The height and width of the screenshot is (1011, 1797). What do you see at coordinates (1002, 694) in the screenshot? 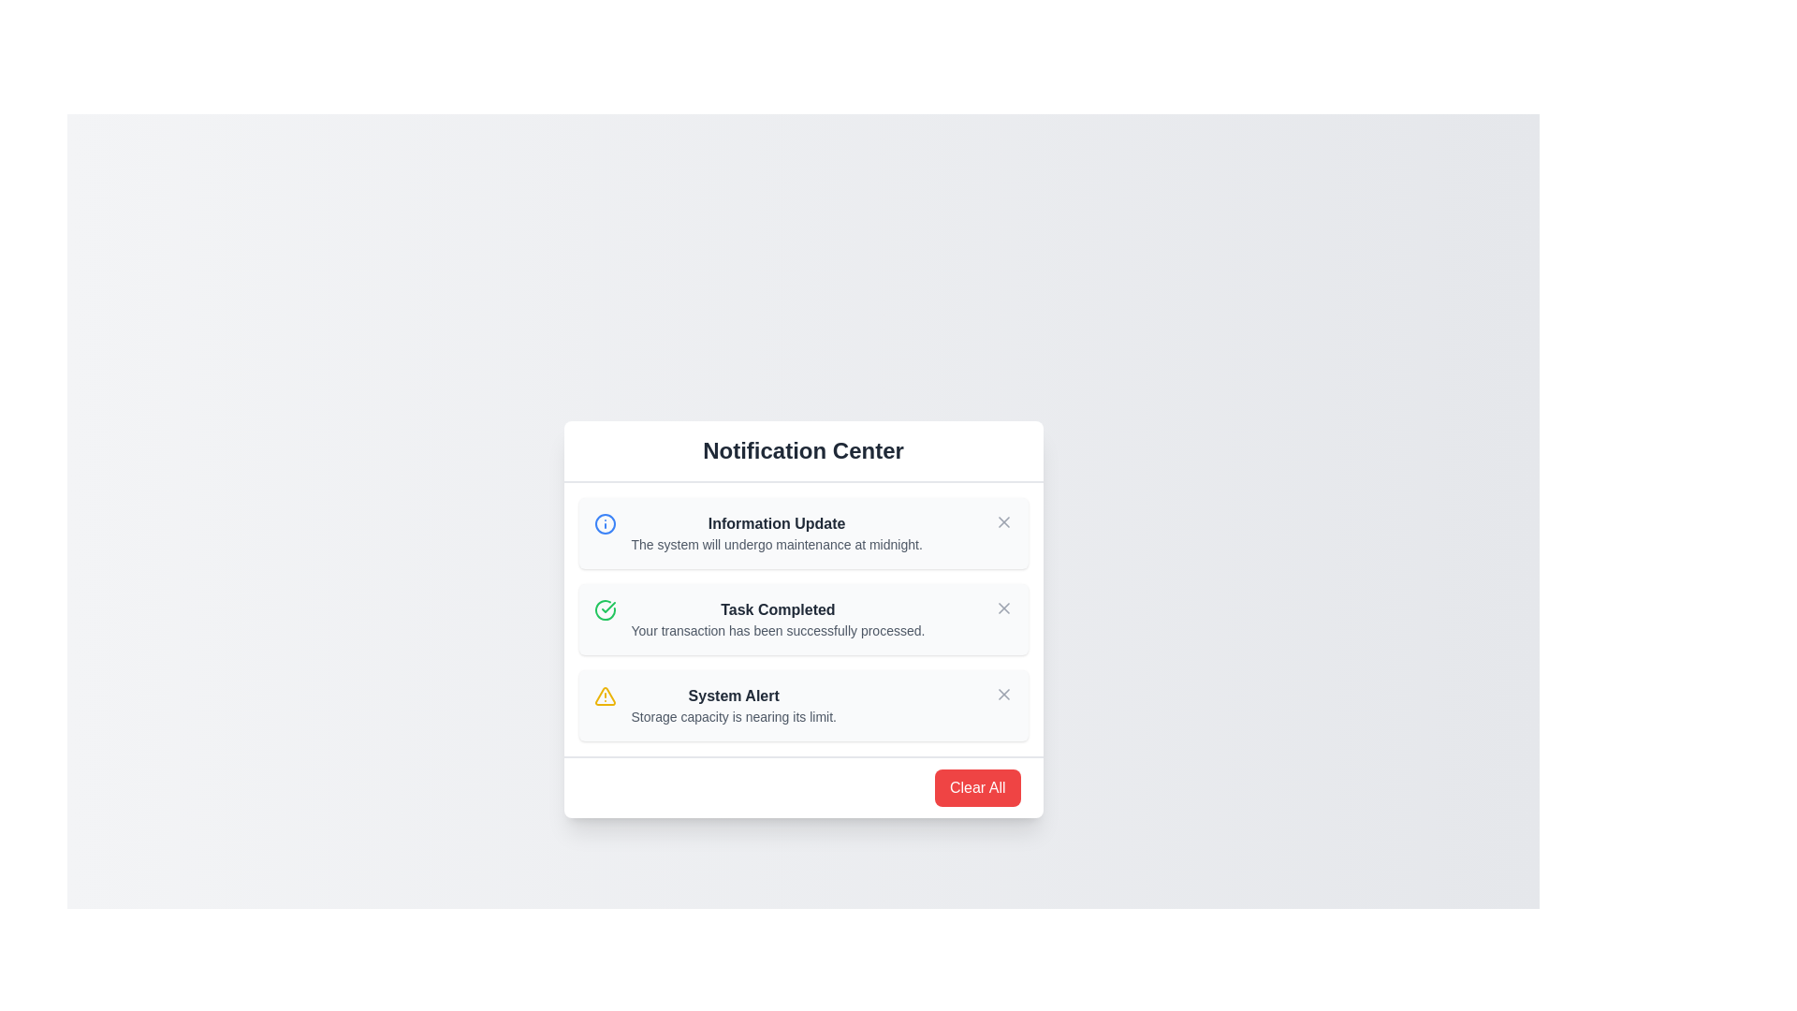
I see `the close button located at the top right corner of the 'System Alert' notification in the Notification Center` at bounding box center [1002, 694].